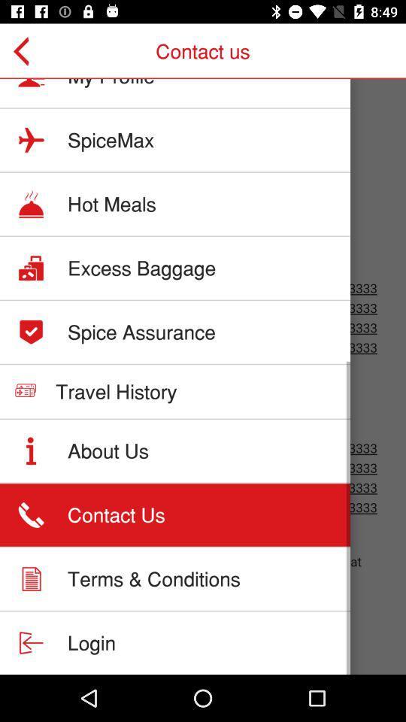 The width and height of the screenshot is (406, 722). What do you see at coordinates (110, 83) in the screenshot?
I see `my profile icon` at bounding box center [110, 83].